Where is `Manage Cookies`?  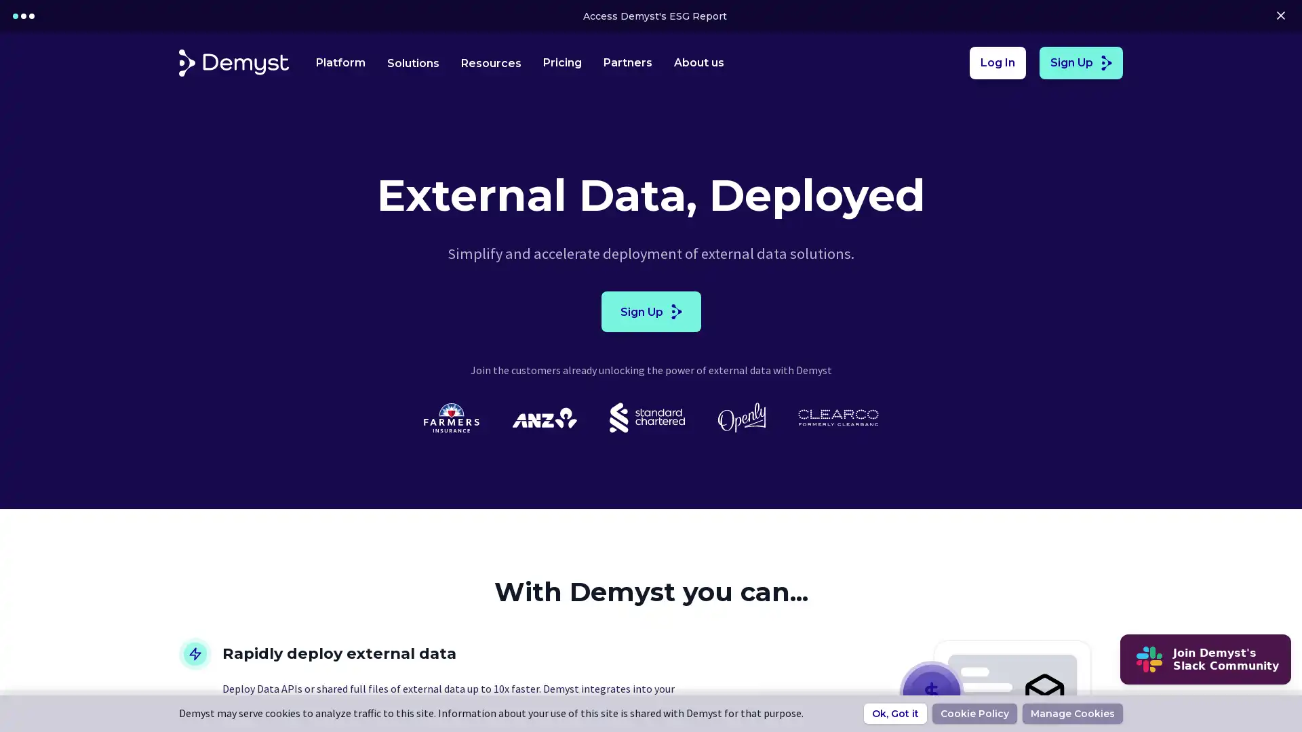 Manage Cookies is located at coordinates (1072, 713).